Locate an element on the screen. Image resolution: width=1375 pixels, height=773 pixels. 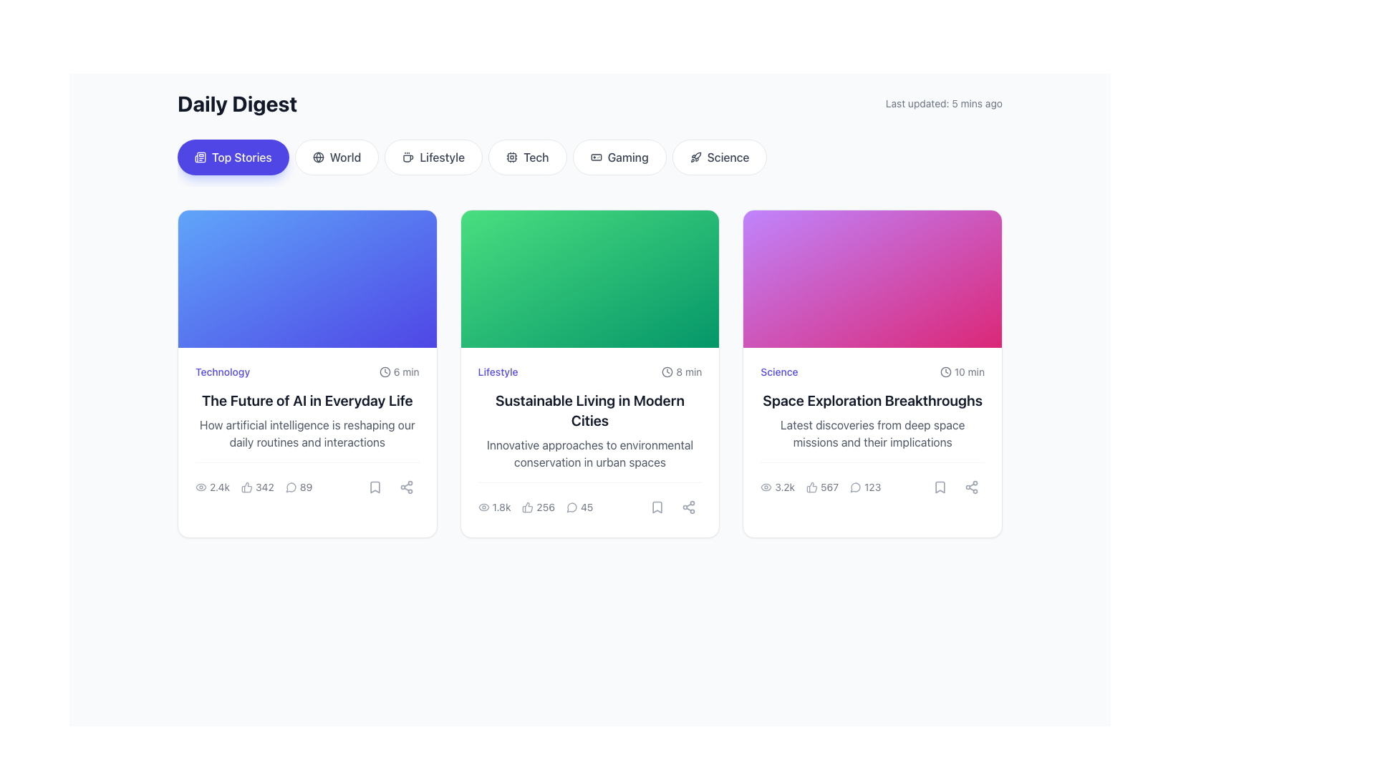
the composite visual-label indicator displaying the views (2.4k) for 'The Future of AI in Everyday Life' article, located at the bottom left of the first card is located at coordinates (212, 487).